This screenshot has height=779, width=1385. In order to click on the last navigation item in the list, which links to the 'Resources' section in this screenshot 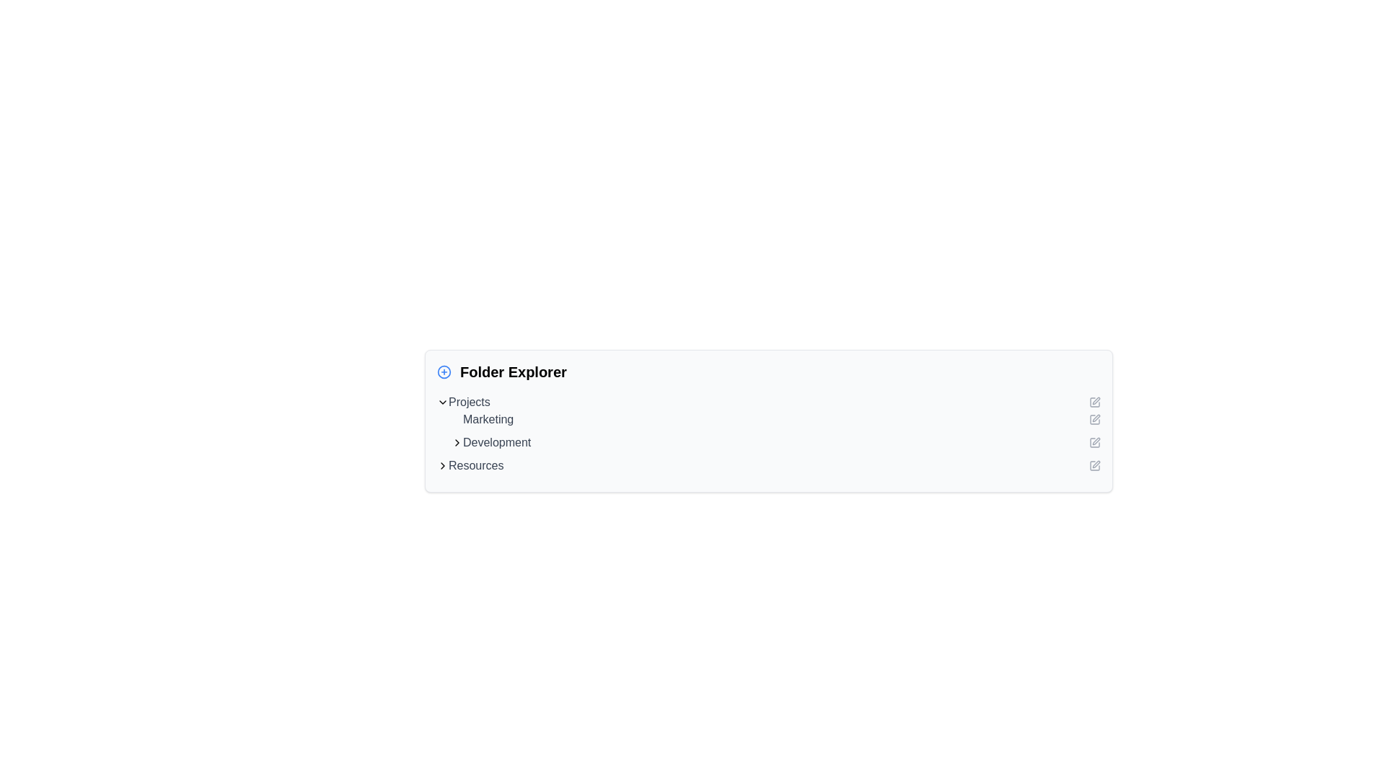, I will do `click(768, 465)`.